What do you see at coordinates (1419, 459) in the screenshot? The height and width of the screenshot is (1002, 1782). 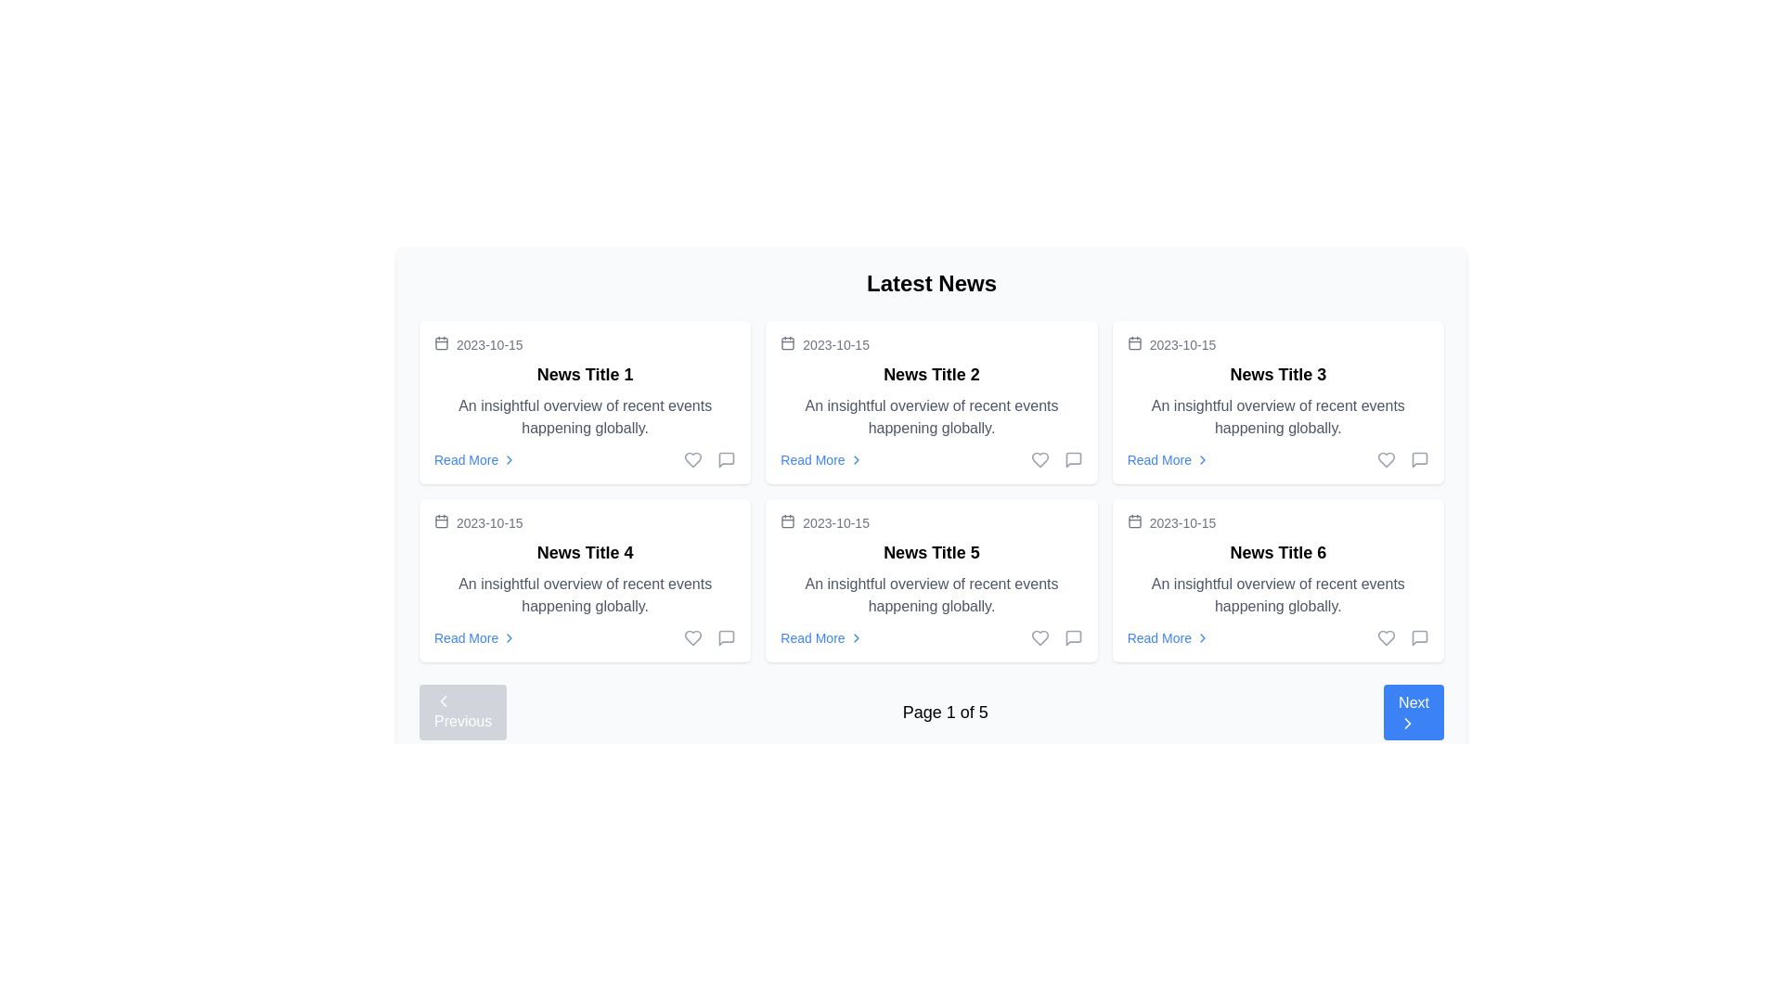 I see `the comments icon button located in the bottom-right corner of the card for 'News Title 3'` at bounding box center [1419, 459].